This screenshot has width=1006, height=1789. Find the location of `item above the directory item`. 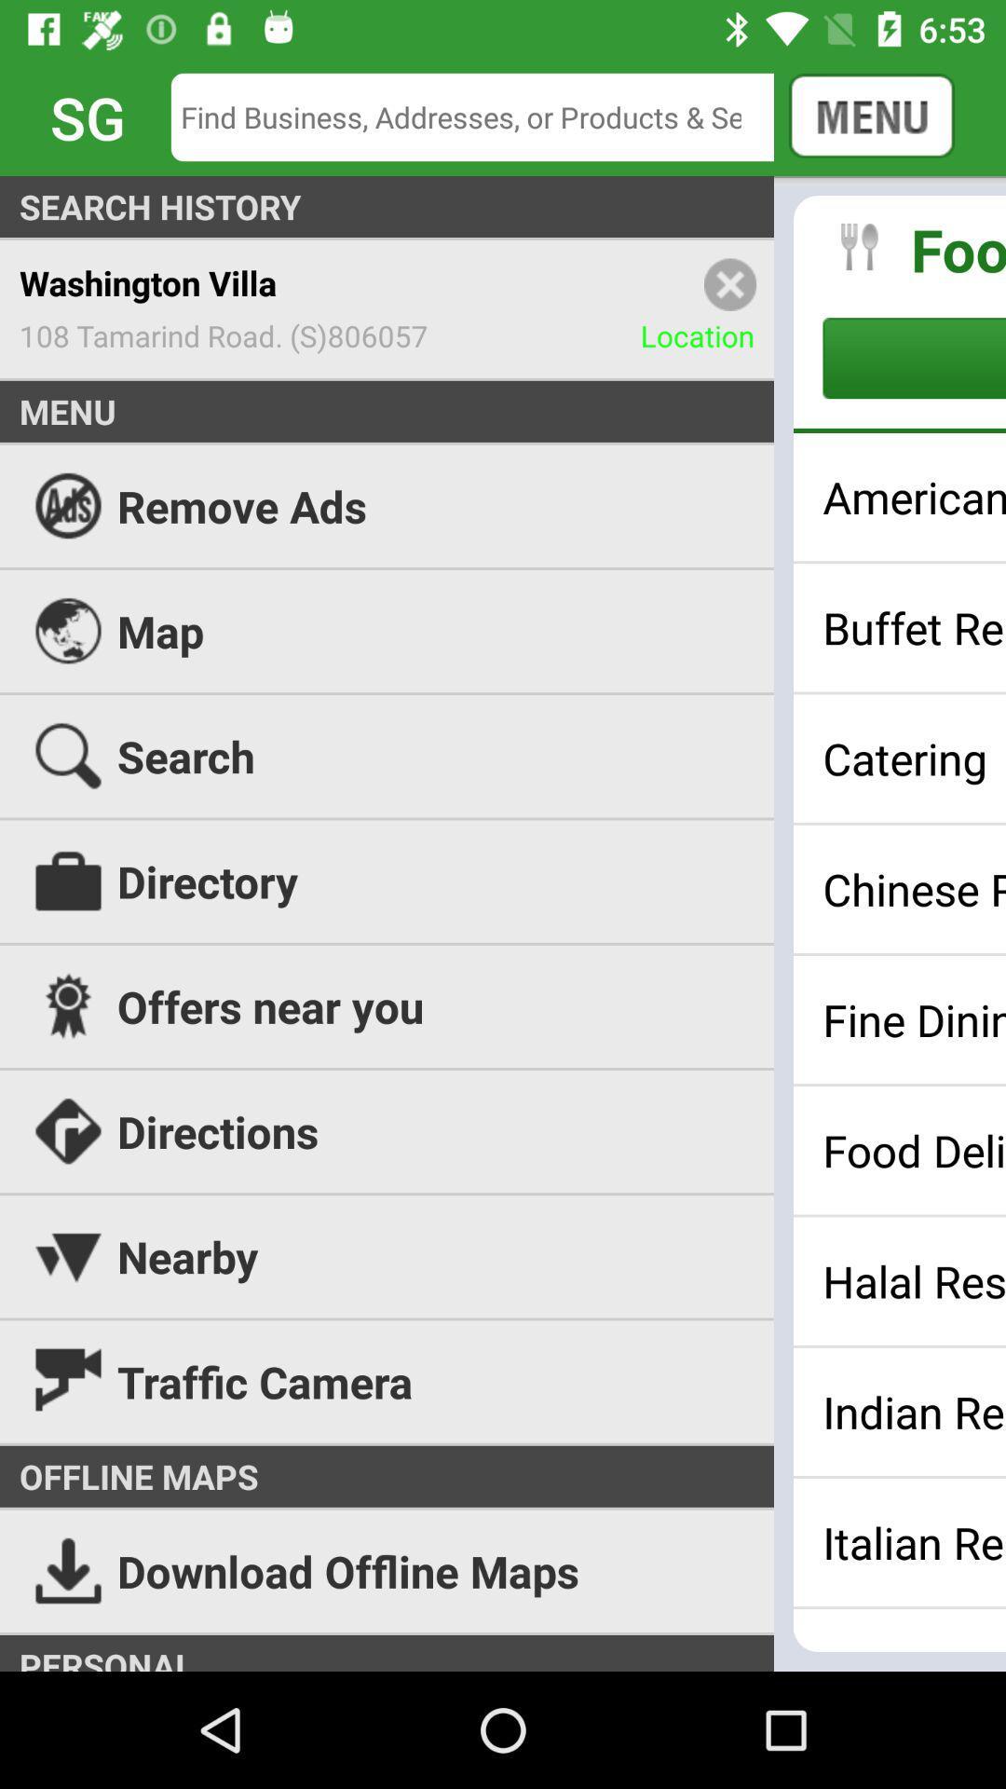

item above the directory item is located at coordinates (913, 758).